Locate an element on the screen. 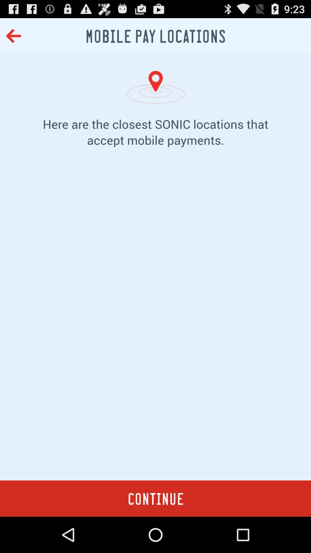 This screenshot has height=553, width=311. the item above the continue item is located at coordinates (155, 323).